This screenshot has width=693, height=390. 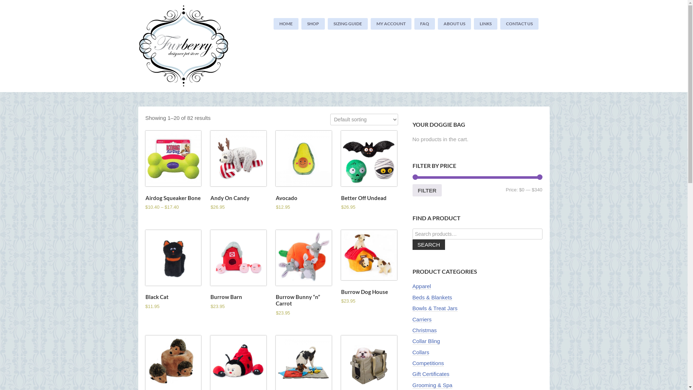 I want to click on 'Christmas', so click(x=424, y=330).